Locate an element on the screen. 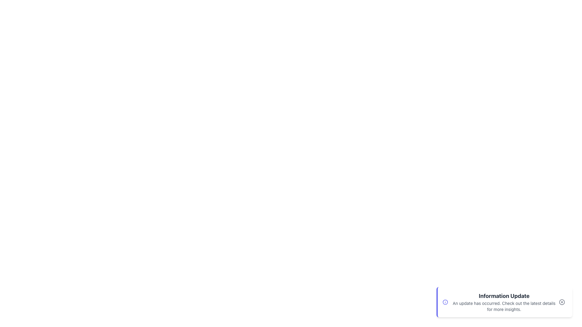 This screenshot has width=582, height=327. the circular 'info' icon is located at coordinates (445, 302).